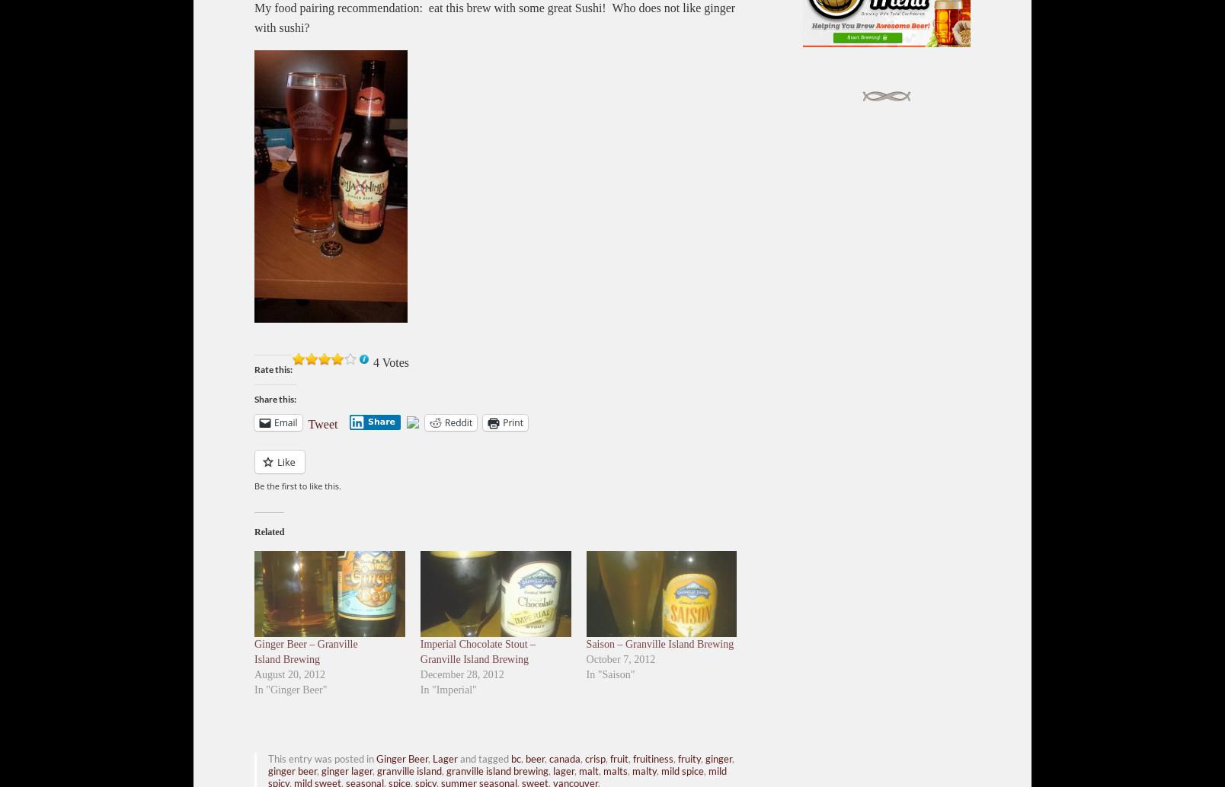 Image resolution: width=1225 pixels, height=787 pixels. Describe the element at coordinates (511, 422) in the screenshot. I see `'Print'` at that location.